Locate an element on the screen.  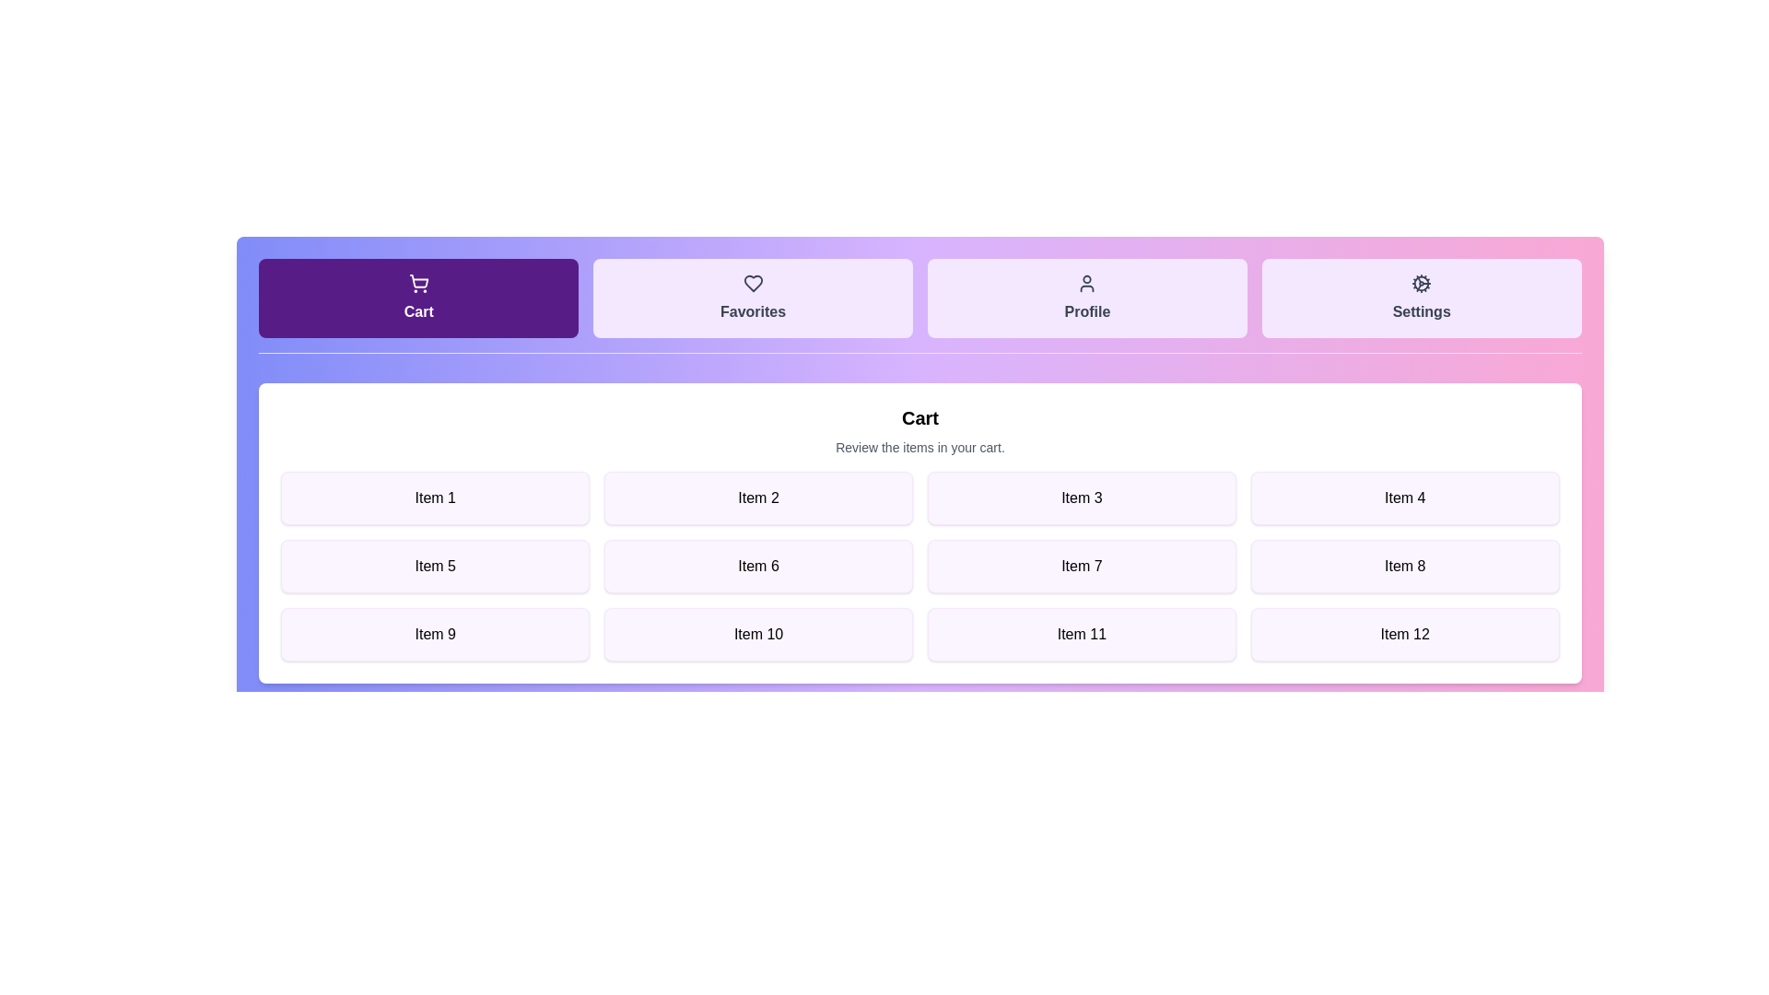
the tab labeled Favorites is located at coordinates (753, 298).